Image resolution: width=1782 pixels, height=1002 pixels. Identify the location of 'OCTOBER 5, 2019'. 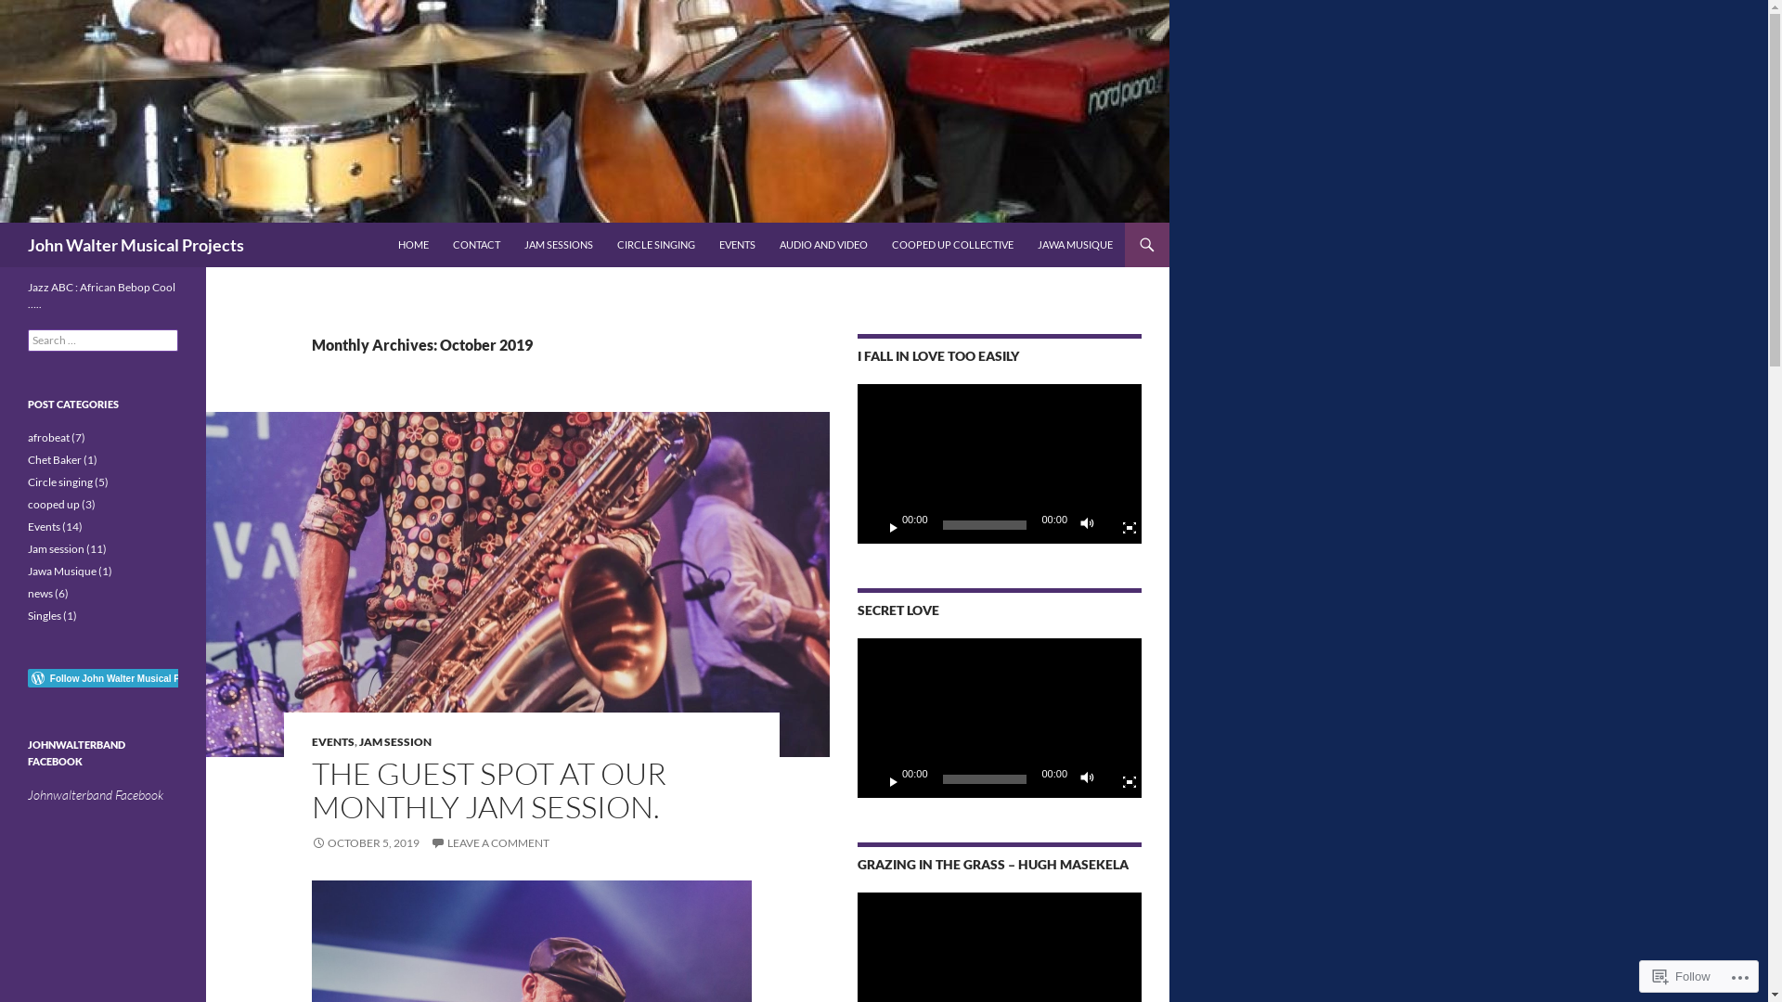
(312, 842).